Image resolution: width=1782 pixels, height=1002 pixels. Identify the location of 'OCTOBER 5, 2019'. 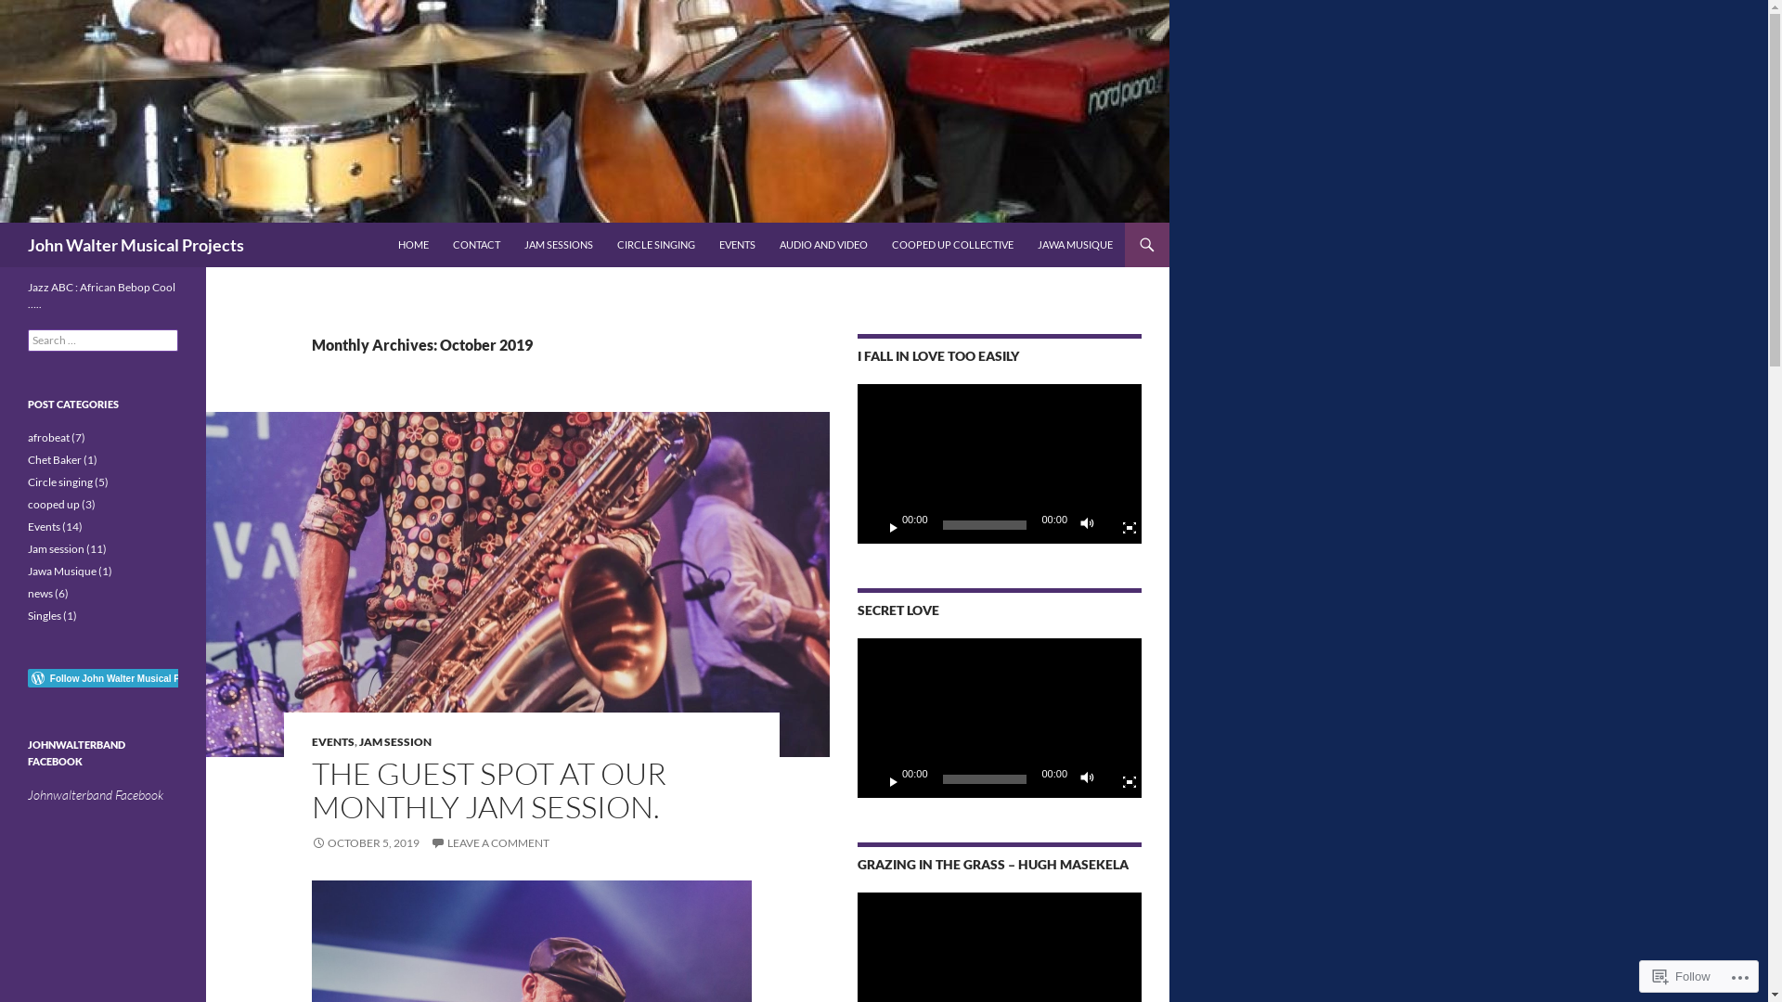
(312, 842).